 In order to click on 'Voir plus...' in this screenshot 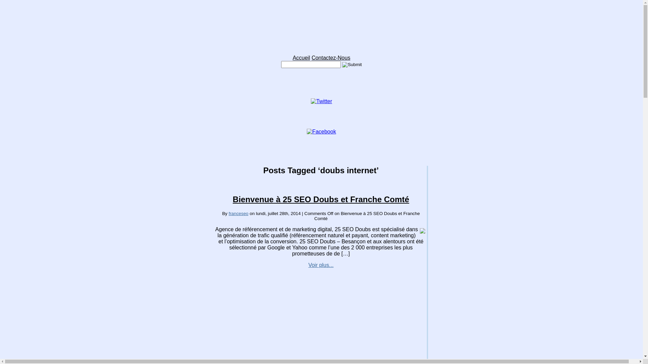, I will do `click(321, 265)`.